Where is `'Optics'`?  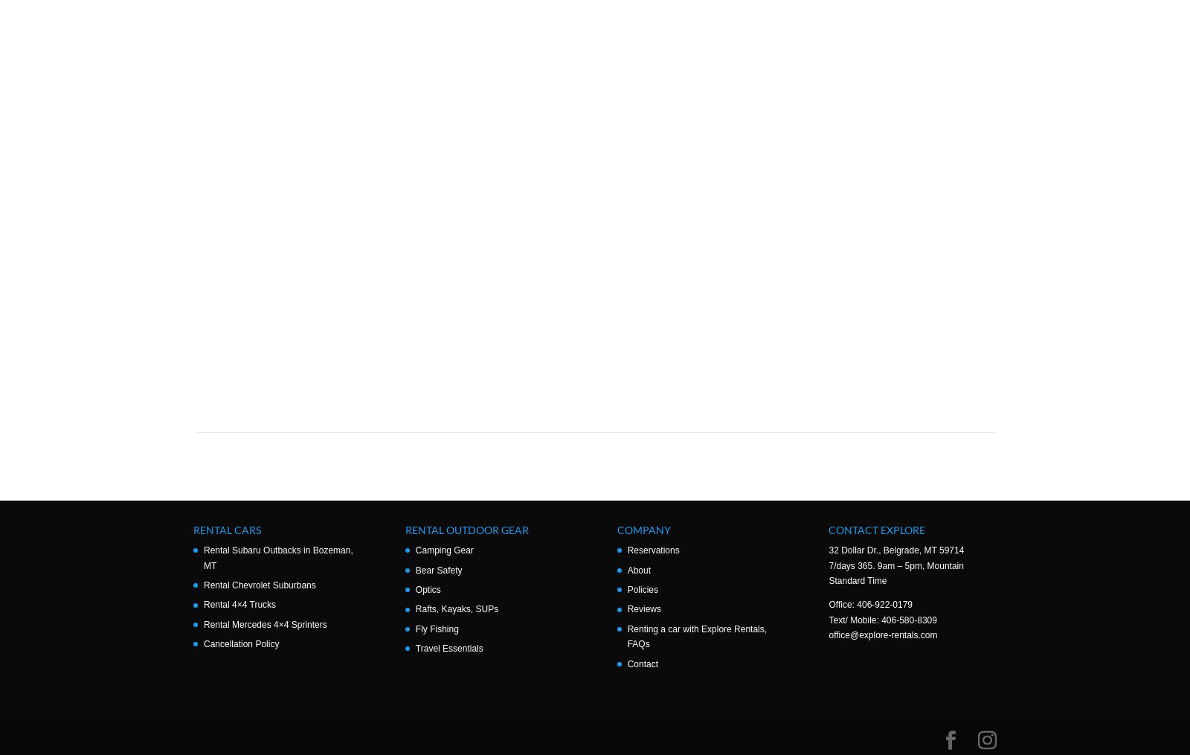 'Optics' is located at coordinates (427, 589).